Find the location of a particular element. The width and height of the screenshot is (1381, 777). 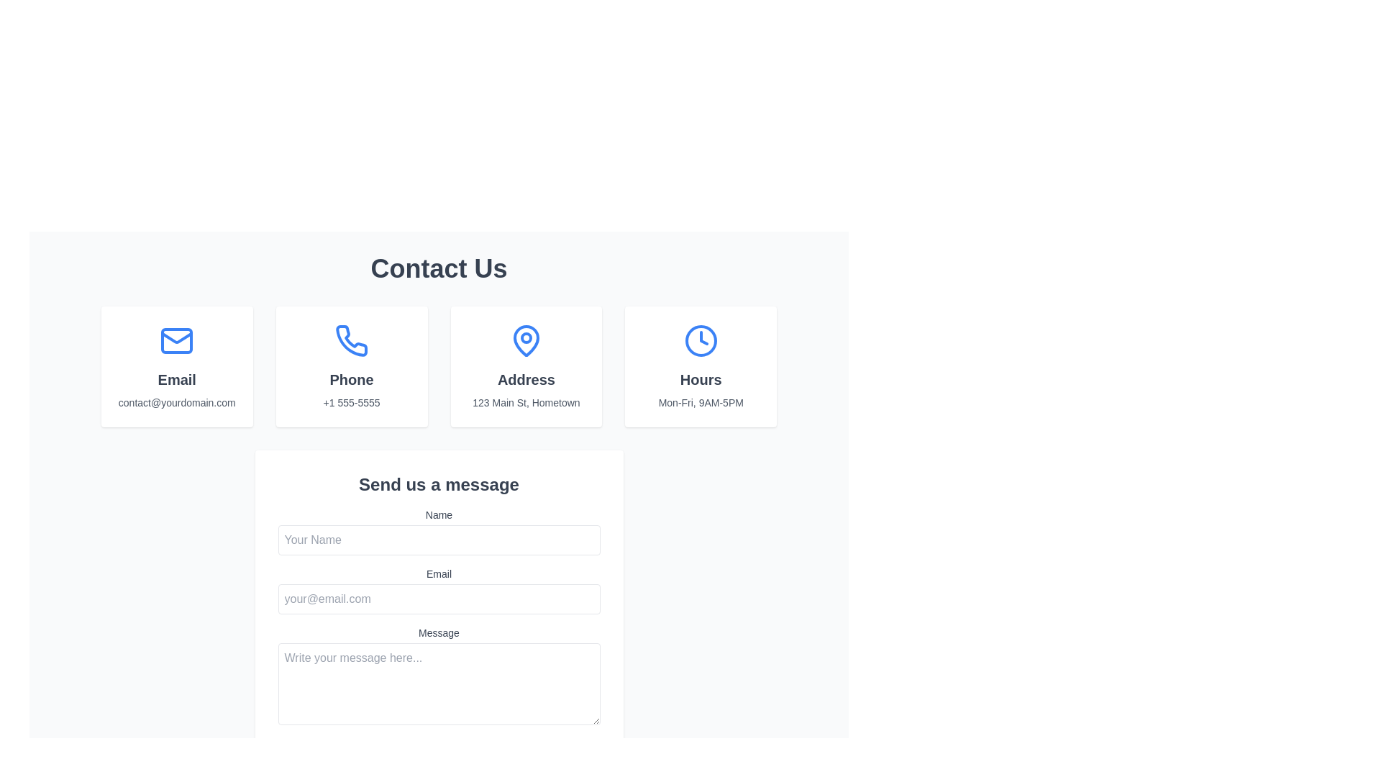

the 'Hours' text label which serves as the title for the operating hours section, located in the fourth section of the top row of contact options on the page is located at coordinates (701, 379).